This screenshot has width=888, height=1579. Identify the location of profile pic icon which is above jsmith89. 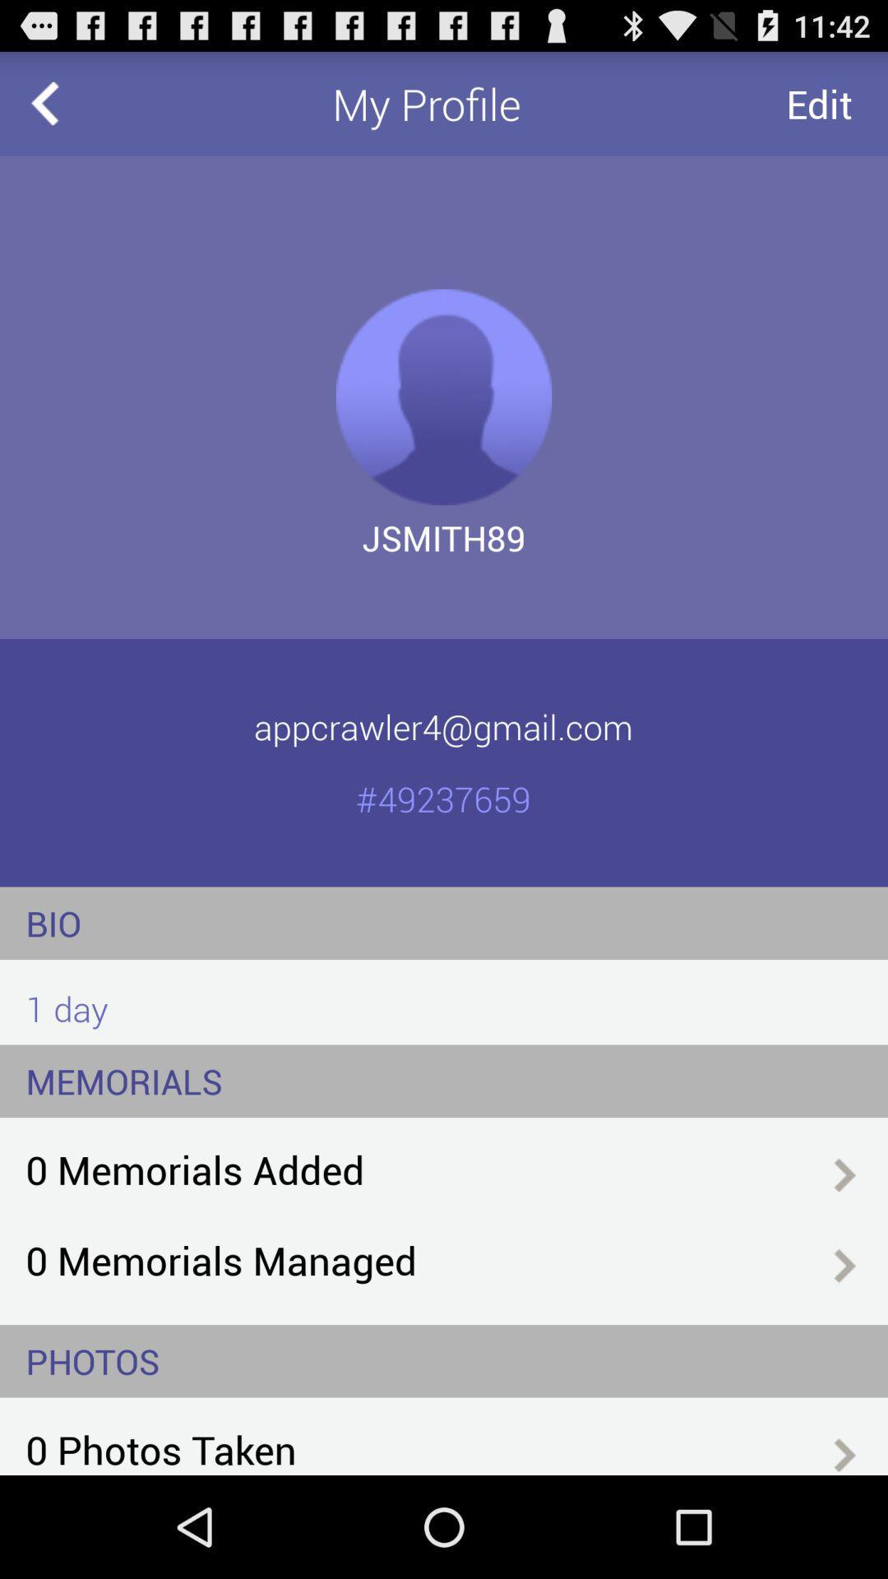
(444, 397).